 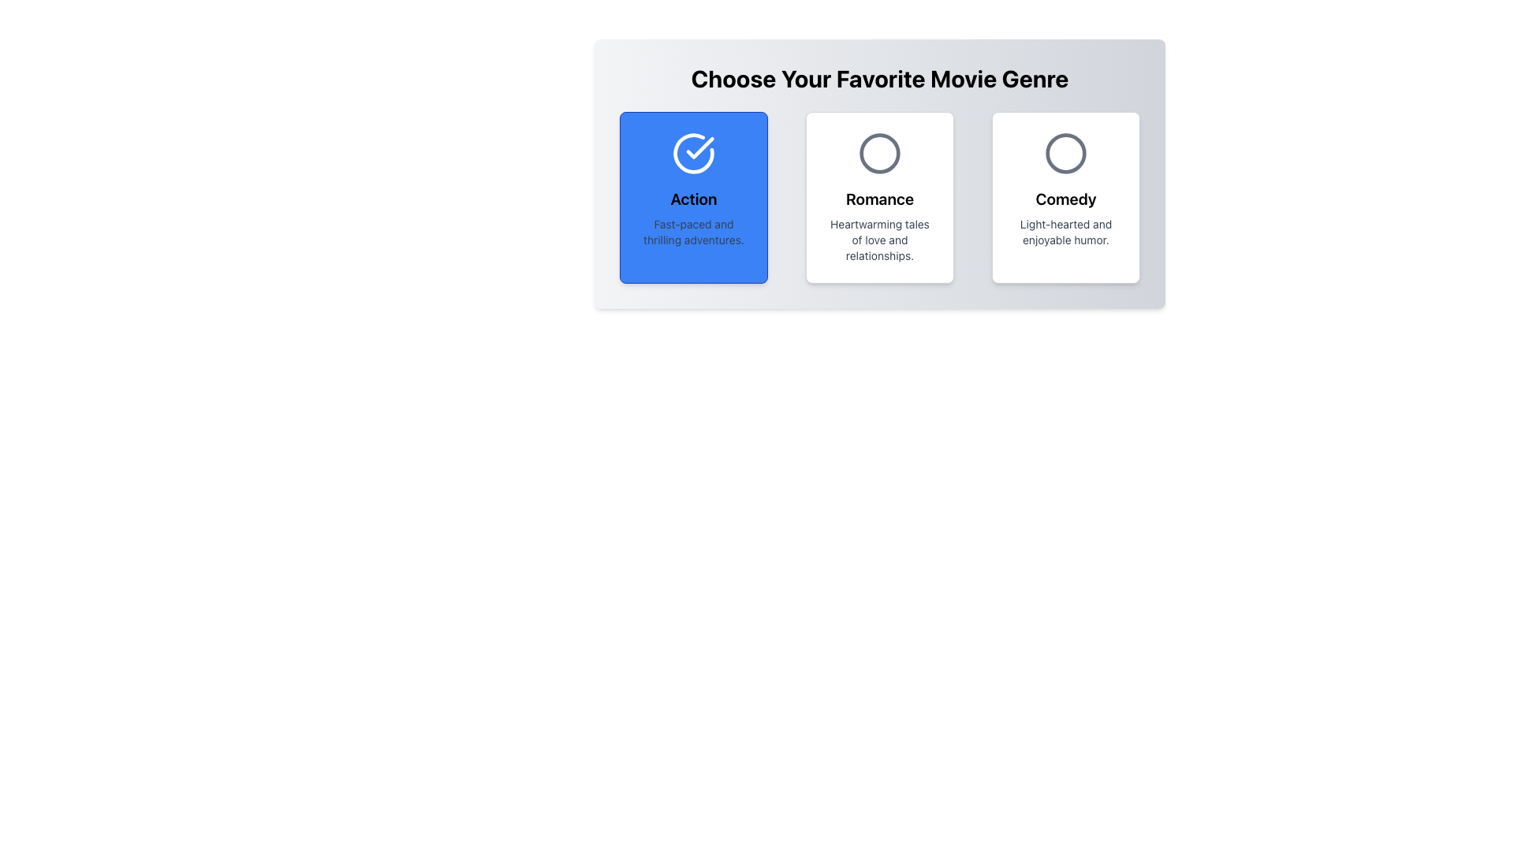 I want to click on the text label 'Comedy', which is the bold title within a card layout, positioned above the description 'Light-hearted and enjoyable humor.', so click(x=1066, y=199).